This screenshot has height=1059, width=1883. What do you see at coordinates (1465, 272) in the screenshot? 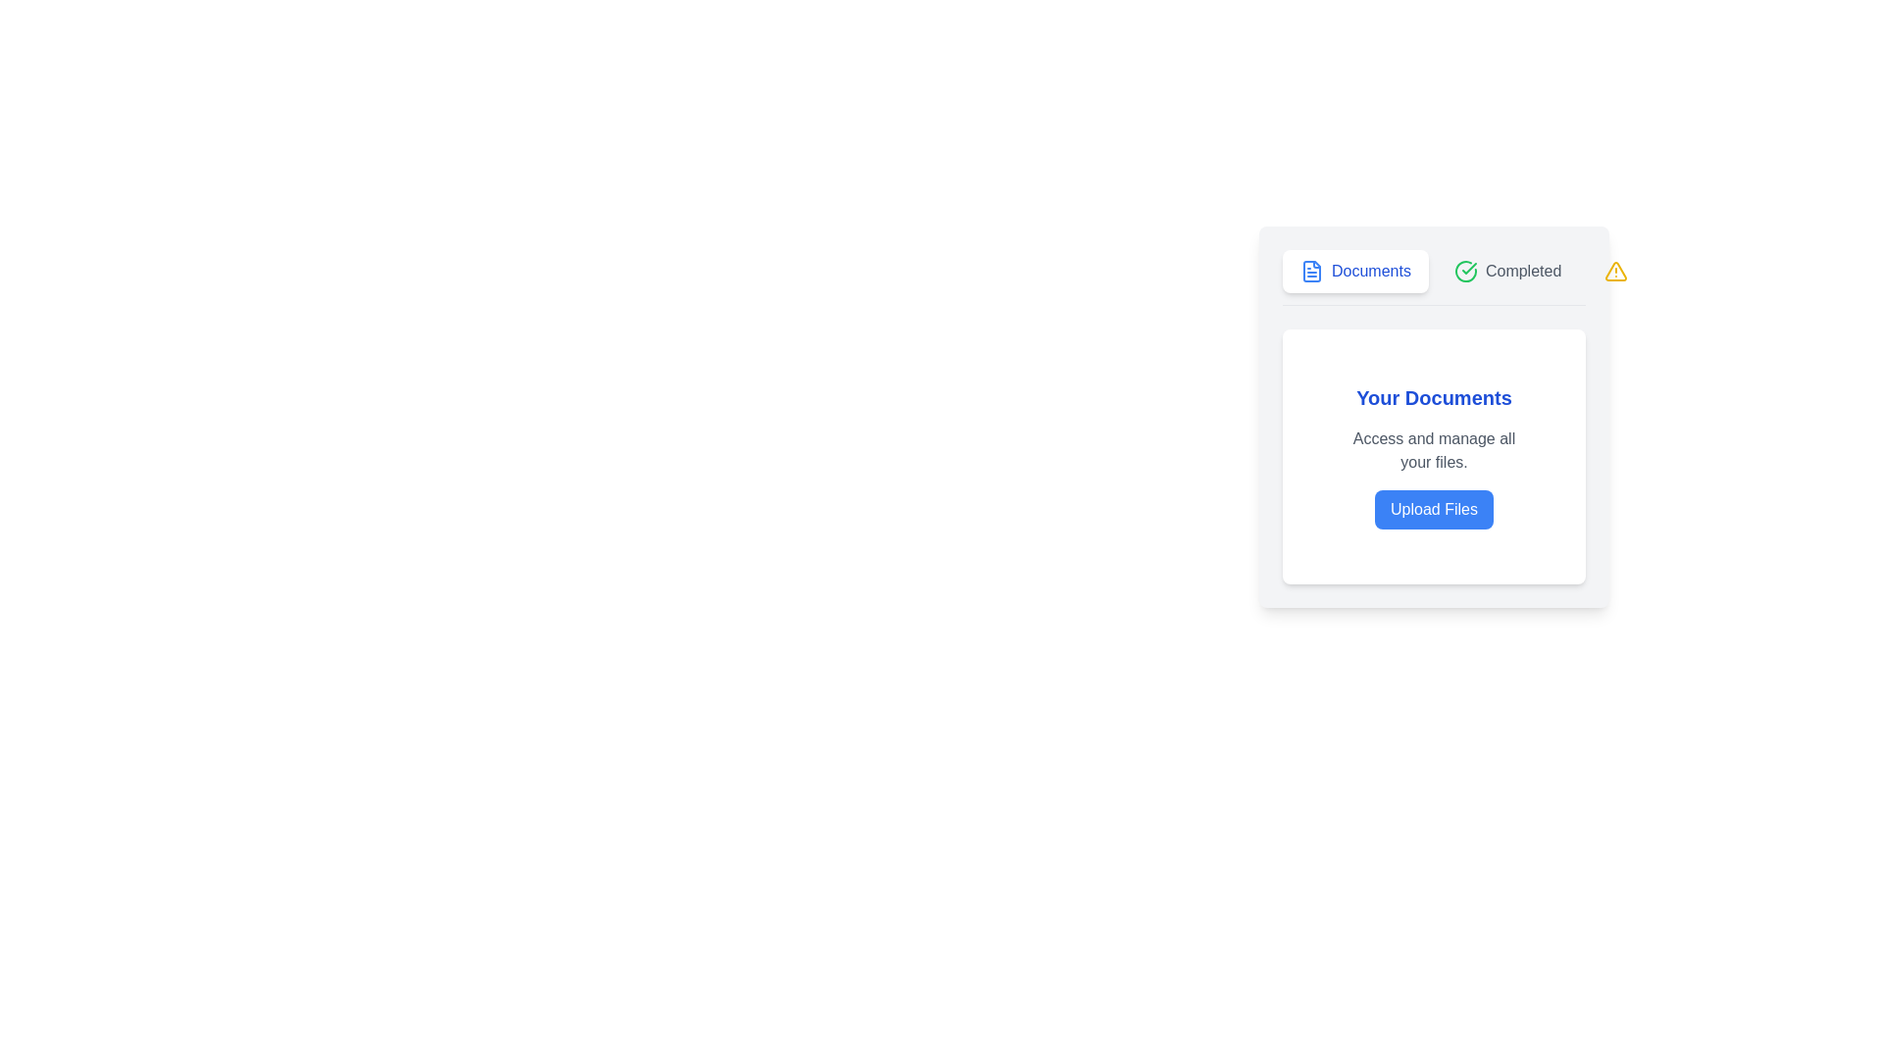
I see `the visual indicator icon located to the left of the text 'Completed', which emphasizes the status of 'Completed'` at bounding box center [1465, 272].